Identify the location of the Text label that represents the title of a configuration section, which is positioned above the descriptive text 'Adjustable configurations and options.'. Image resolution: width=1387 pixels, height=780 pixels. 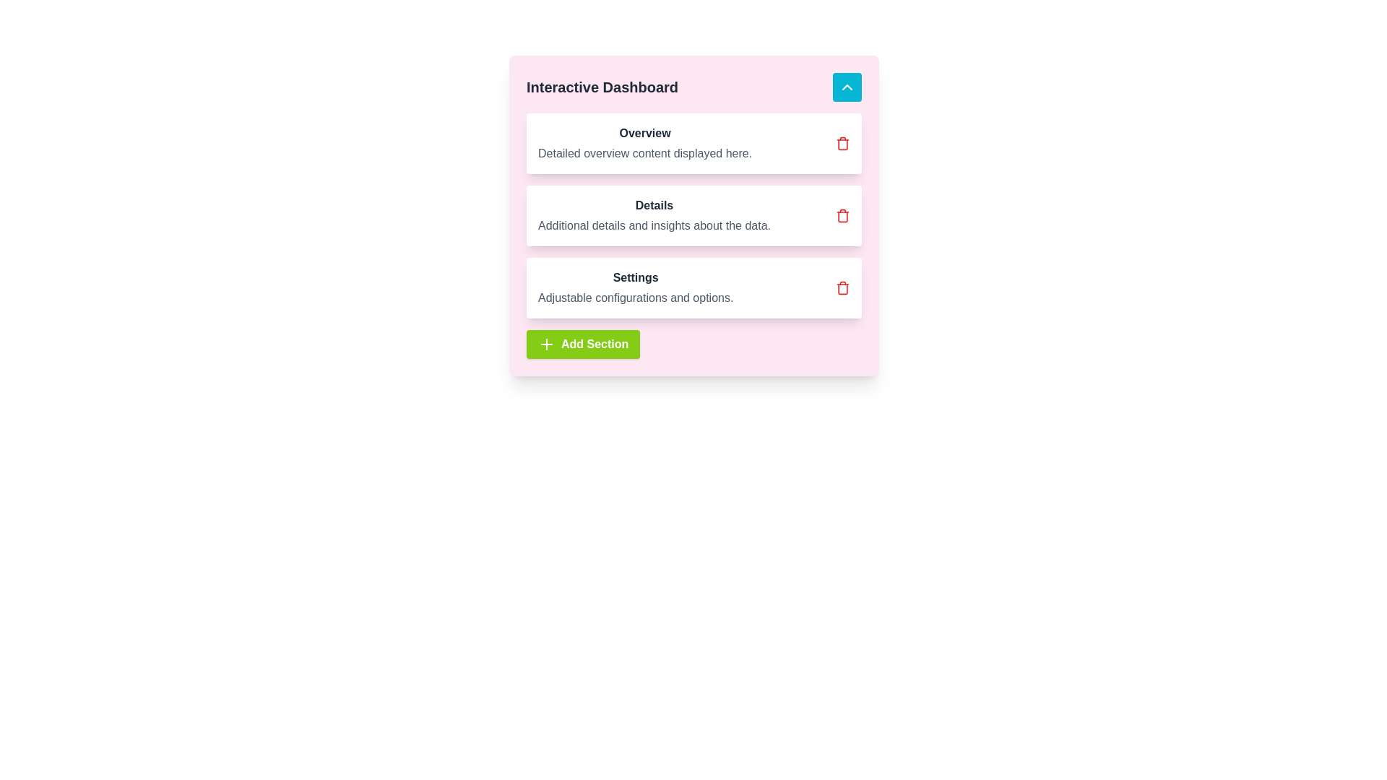
(636, 278).